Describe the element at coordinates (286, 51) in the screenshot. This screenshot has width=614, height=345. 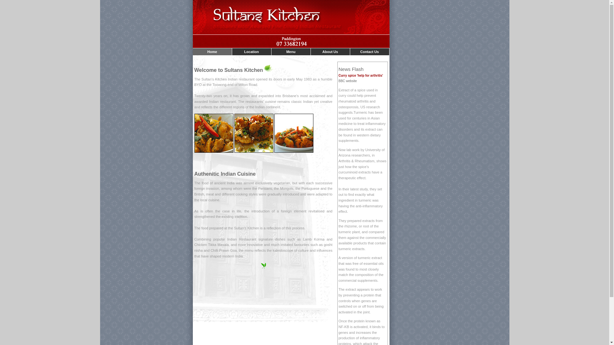
I see `'Menu'` at that location.